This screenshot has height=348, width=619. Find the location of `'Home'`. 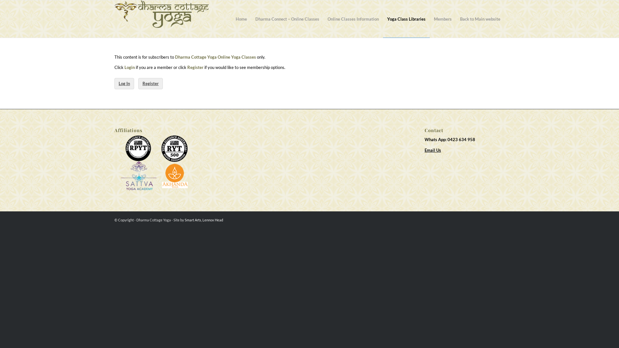

'Home' is located at coordinates (231, 18).